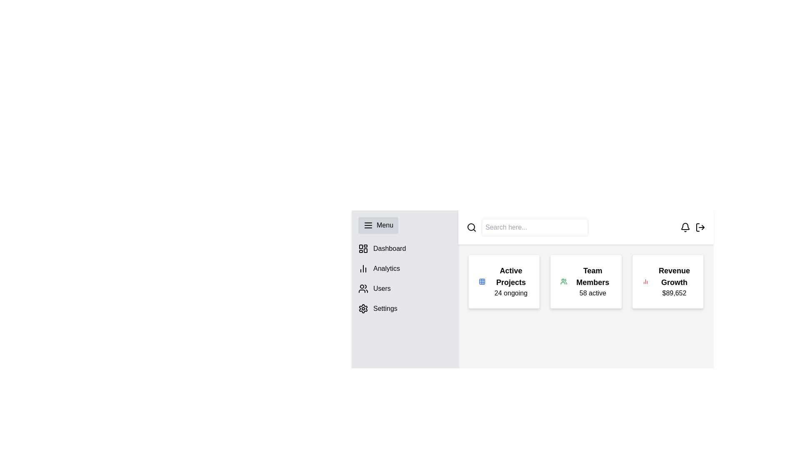  What do you see at coordinates (592, 281) in the screenshot?
I see `the Text Display Block that summarizes active team members, which is located on the second card in a row of cards between 'Active Projects' and 'Revenue Growth'` at bounding box center [592, 281].